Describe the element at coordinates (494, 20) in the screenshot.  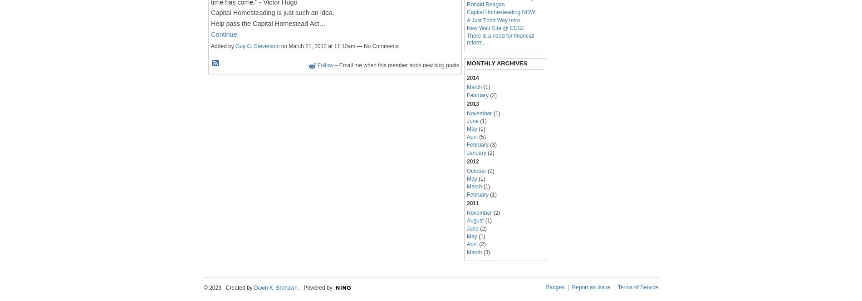
I see `'A Just Third Way Intro.'` at that location.